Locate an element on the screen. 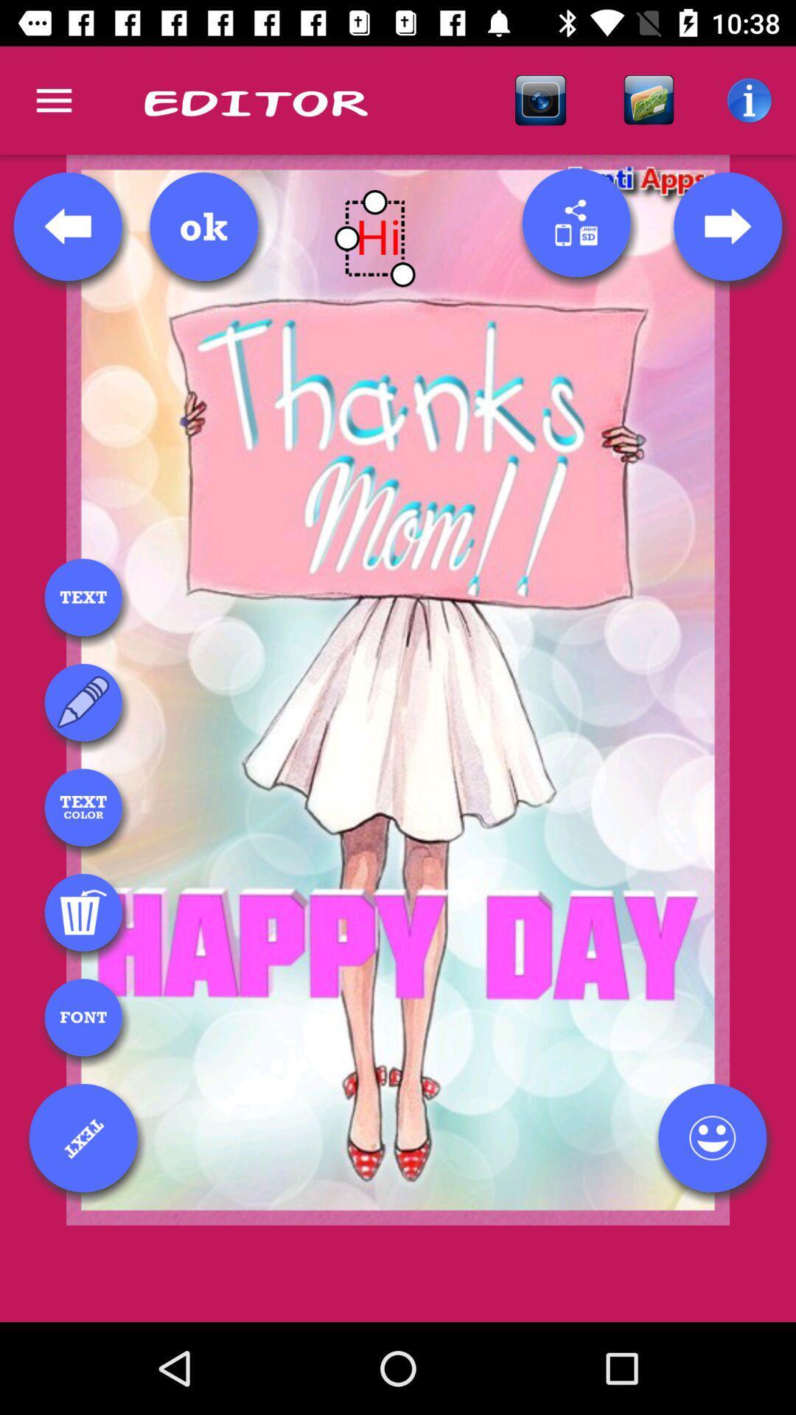 This screenshot has width=796, height=1415. text box is located at coordinates (83, 597).